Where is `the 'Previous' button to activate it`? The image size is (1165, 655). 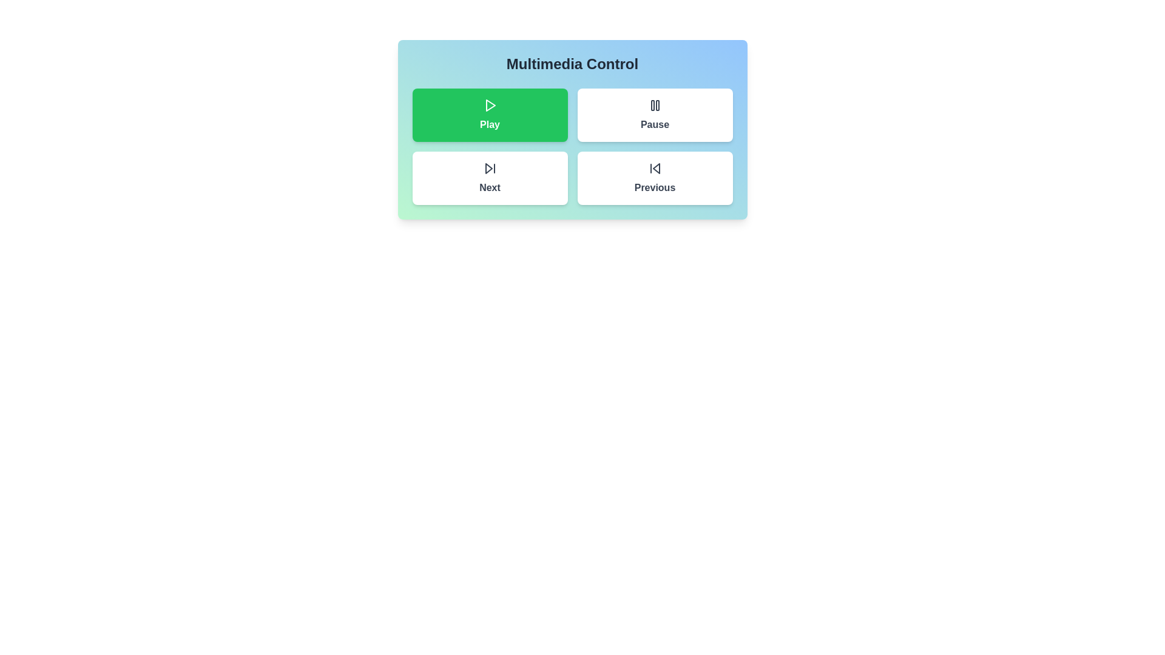
the 'Previous' button to activate it is located at coordinates (654, 178).